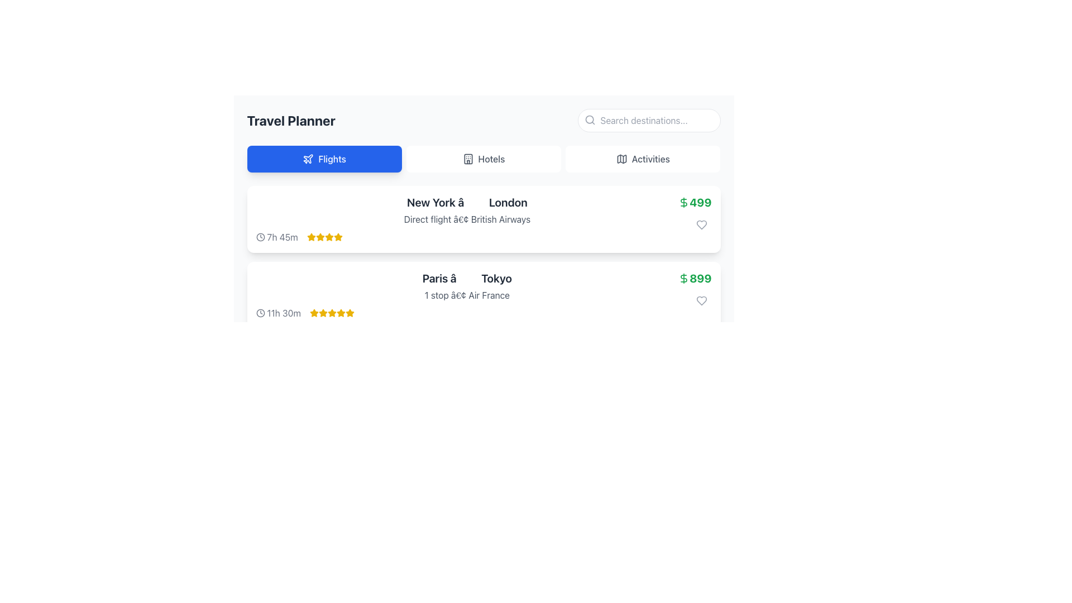 This screenshot has height=603, width=1072. What do you see at coordinates (341, 313) in the screenshot?
I see `the fourth star icon in the 5-star rating scale for the travel option 'Paris to Tokyo'` at bounding box center [341, 313].